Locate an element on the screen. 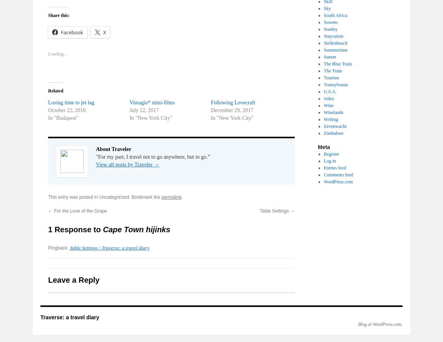  'Zimbabwe' is located at coordinates (323, 133).